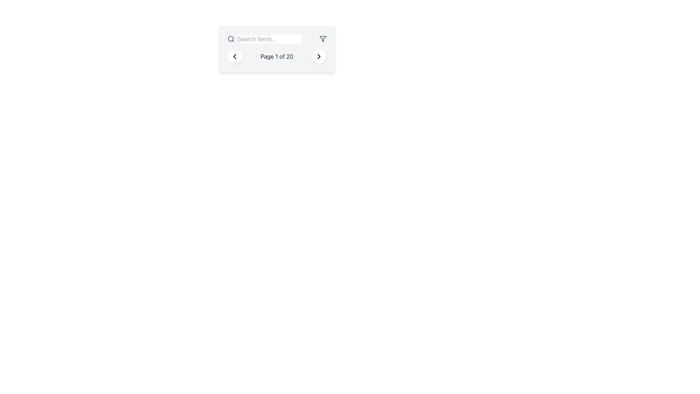 Image resolution: width=700 pixels, height=394 pixels. I want to click on the right-pointing chevron symbol icon located in the functional toolbar, so click(319, 56).